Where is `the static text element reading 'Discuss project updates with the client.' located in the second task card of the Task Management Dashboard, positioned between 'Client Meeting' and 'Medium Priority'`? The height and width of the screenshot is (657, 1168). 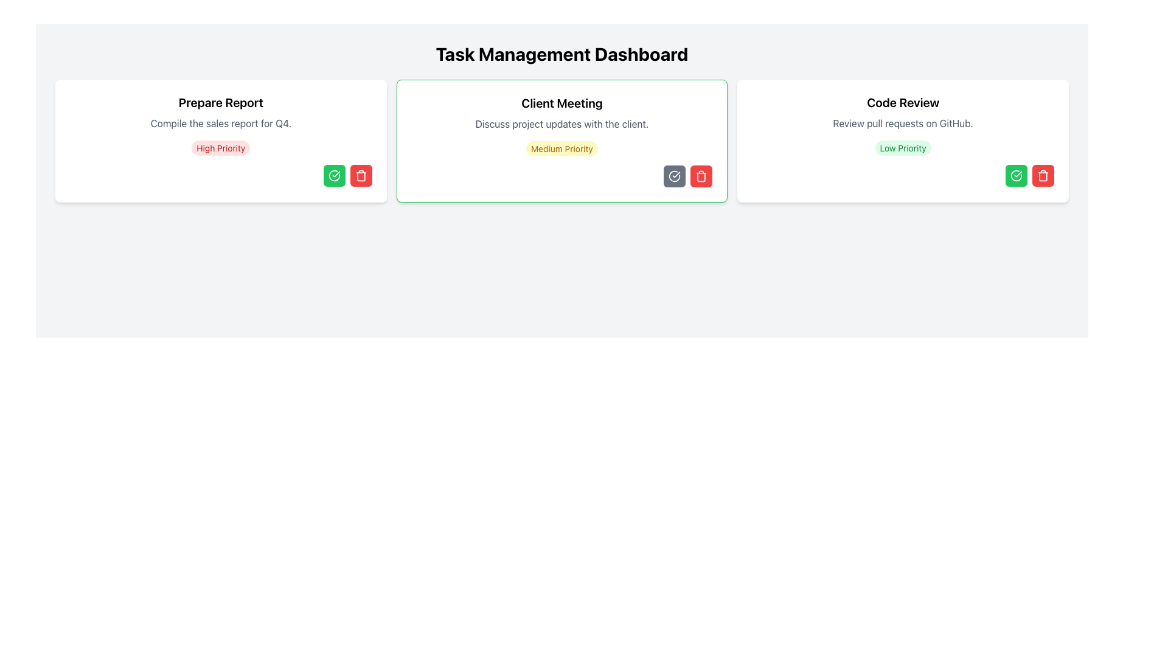
the static text element reading 'Discuss project updates with the client.' located in the second task card of the Task Management Dashboard, positioned between 'Client Meeting' and 'Medium Priority' is located at coordinates (561, 124).